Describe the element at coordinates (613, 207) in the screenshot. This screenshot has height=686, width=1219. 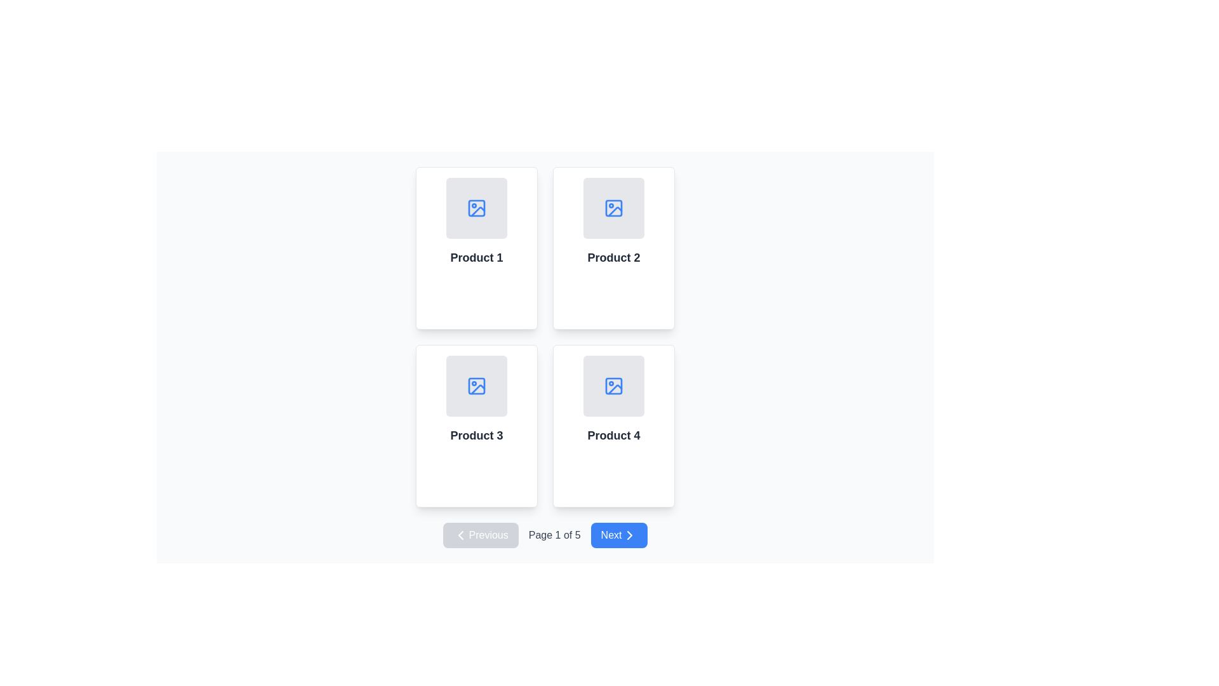
I see `the top-left rectangular section of the image icon for Product 2` at that location.